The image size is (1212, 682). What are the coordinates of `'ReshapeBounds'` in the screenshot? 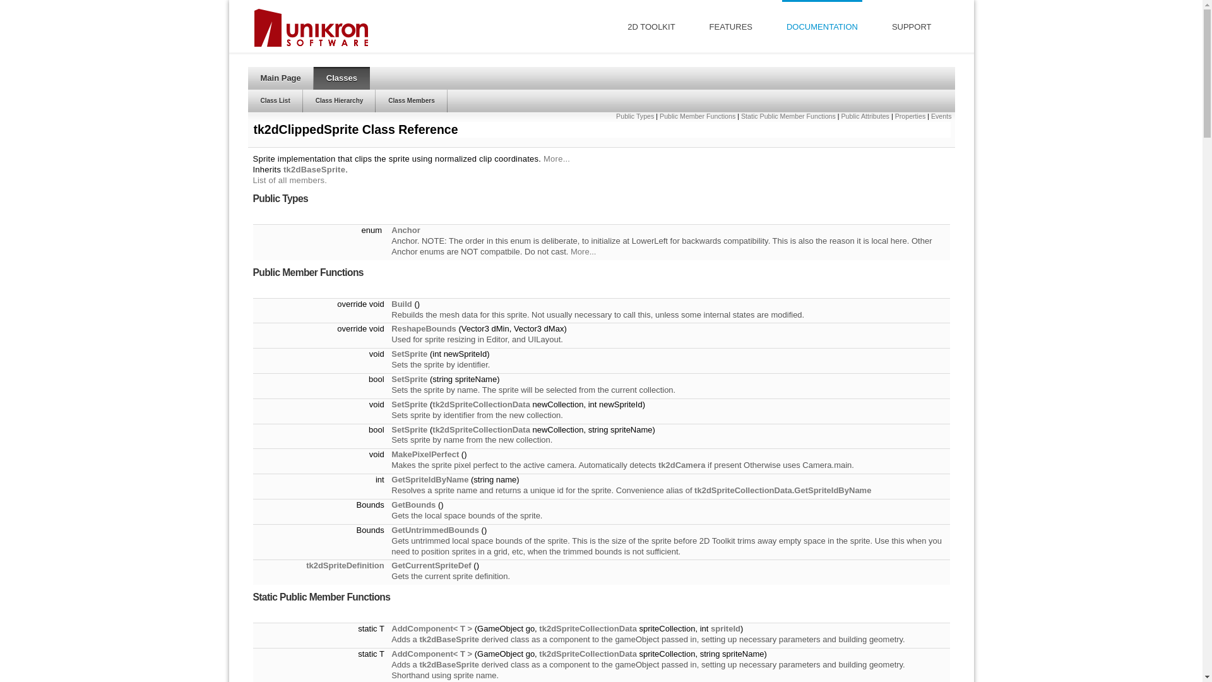 It's located at (424, 328).